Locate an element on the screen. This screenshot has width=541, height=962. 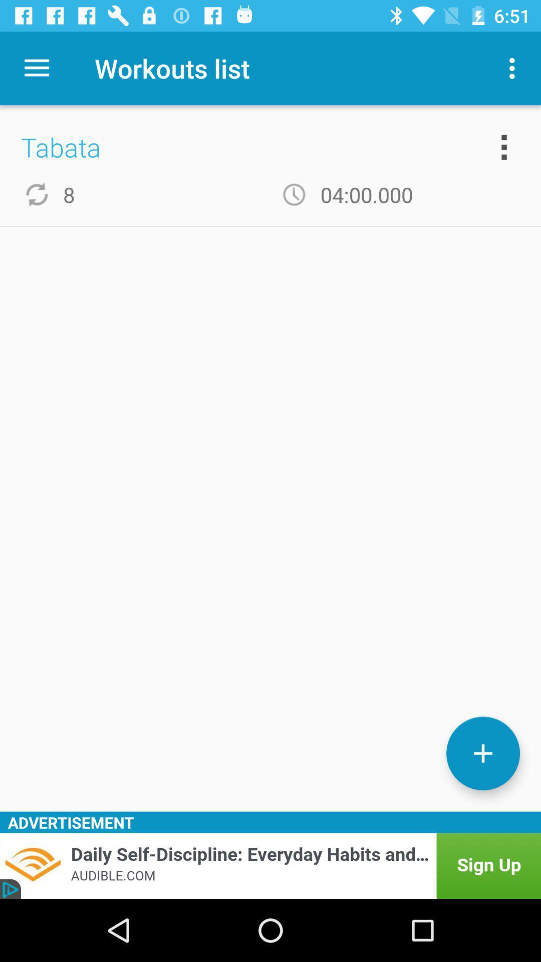
the app to the right of workouts list item is located at coordinates (514, 68).